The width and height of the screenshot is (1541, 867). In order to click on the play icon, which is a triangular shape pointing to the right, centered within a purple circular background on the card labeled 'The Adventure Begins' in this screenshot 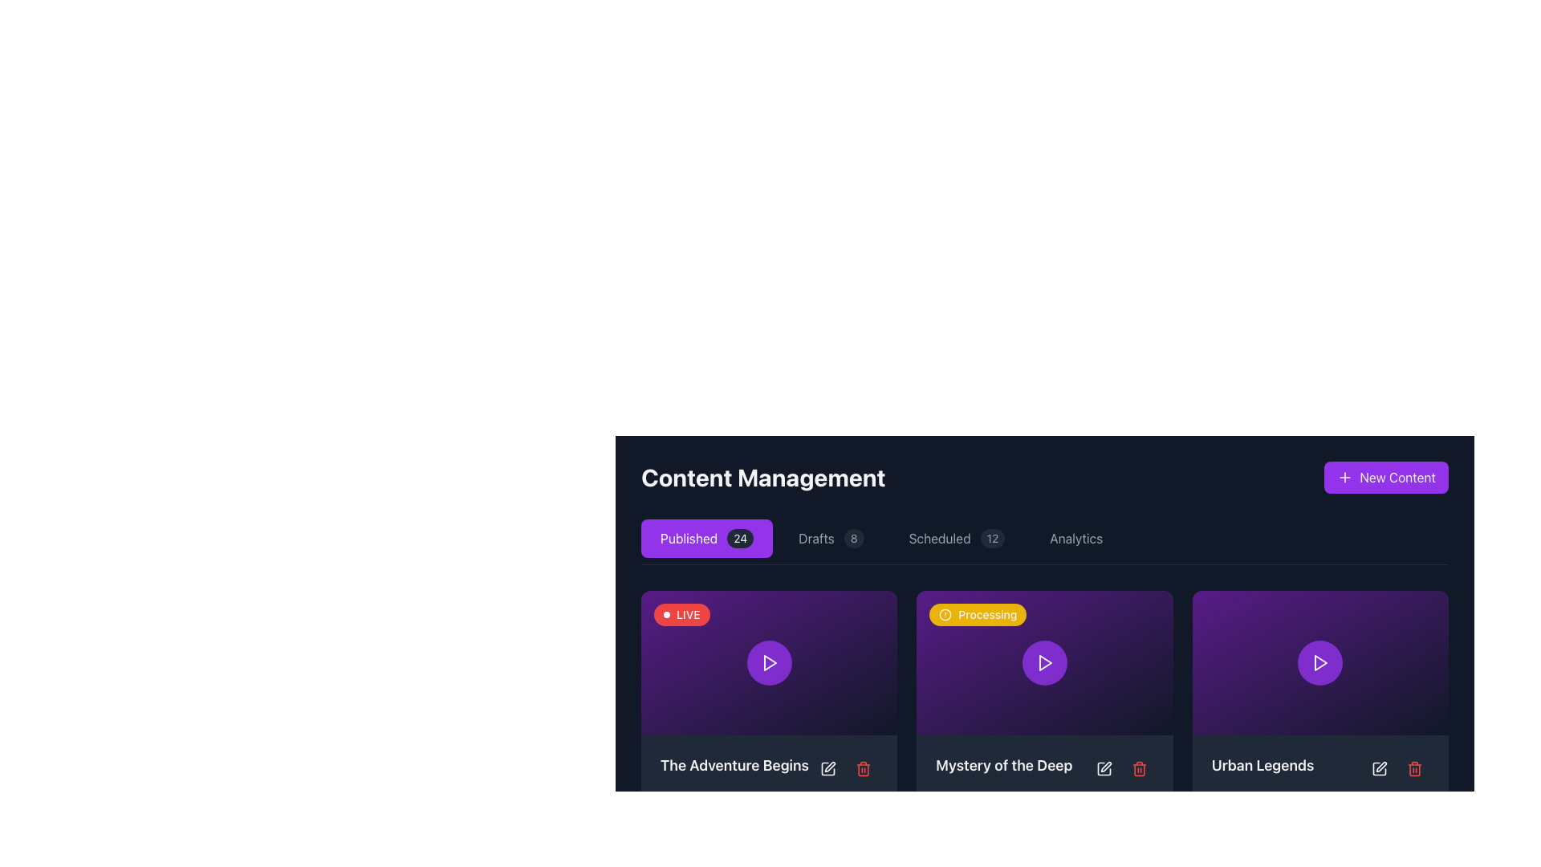, I will do `click(769, 662)`.